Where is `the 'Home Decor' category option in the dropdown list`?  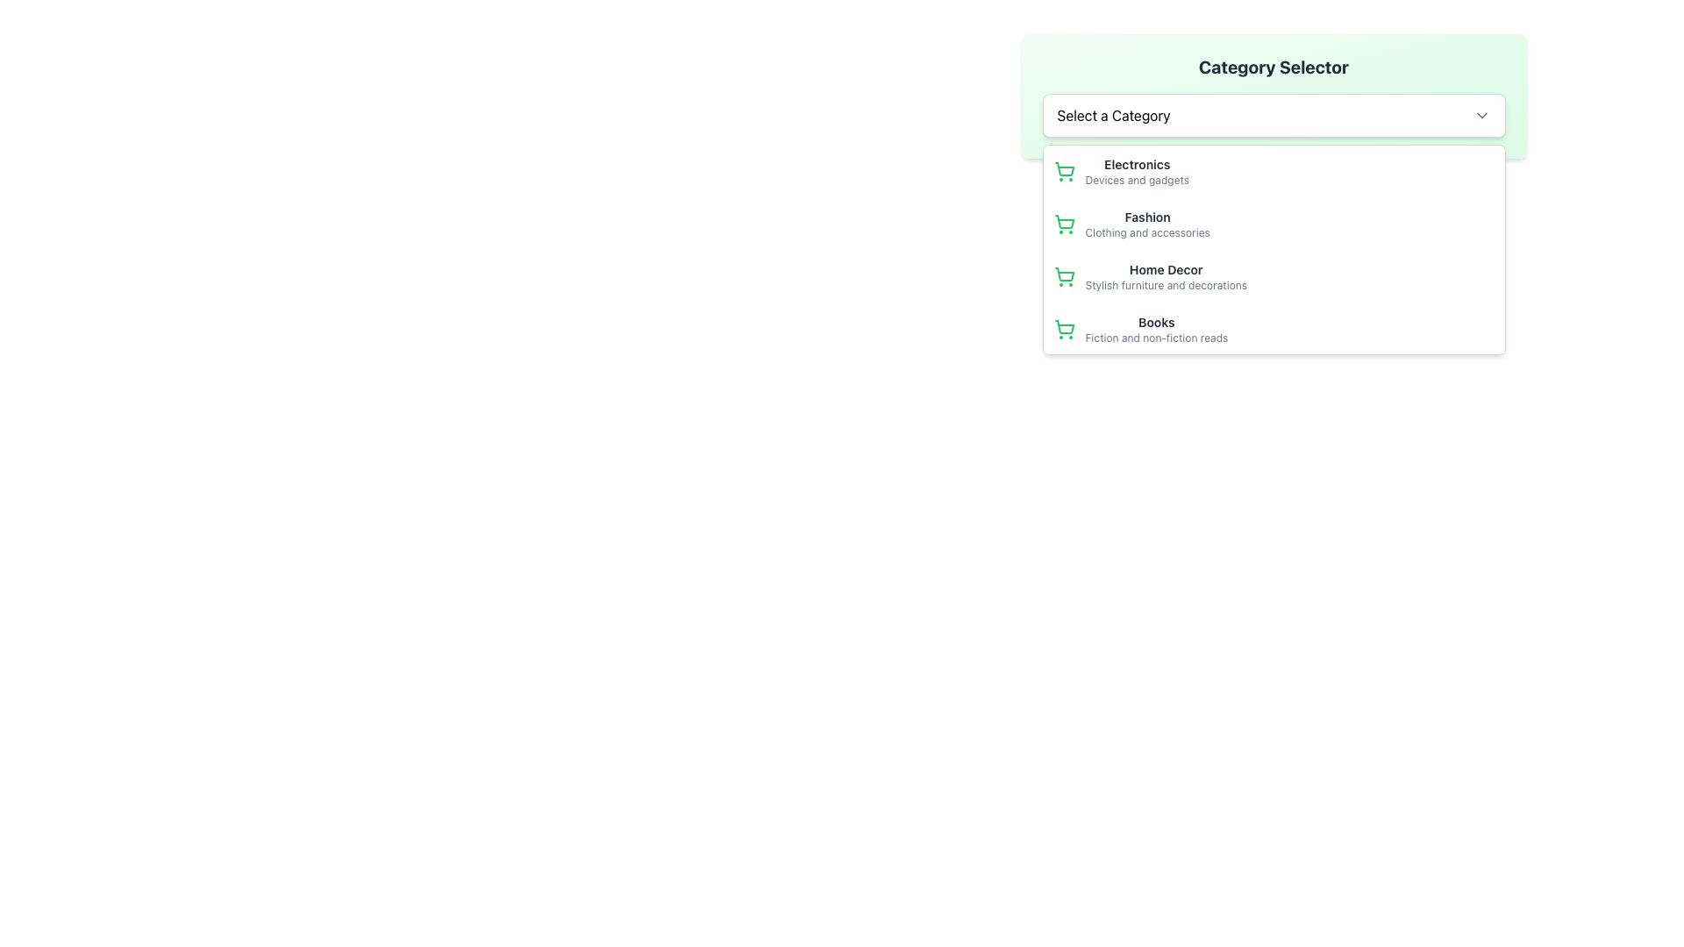
the 'Home Decor' category option in the dropdown list is located at coordinates (1274, 276).